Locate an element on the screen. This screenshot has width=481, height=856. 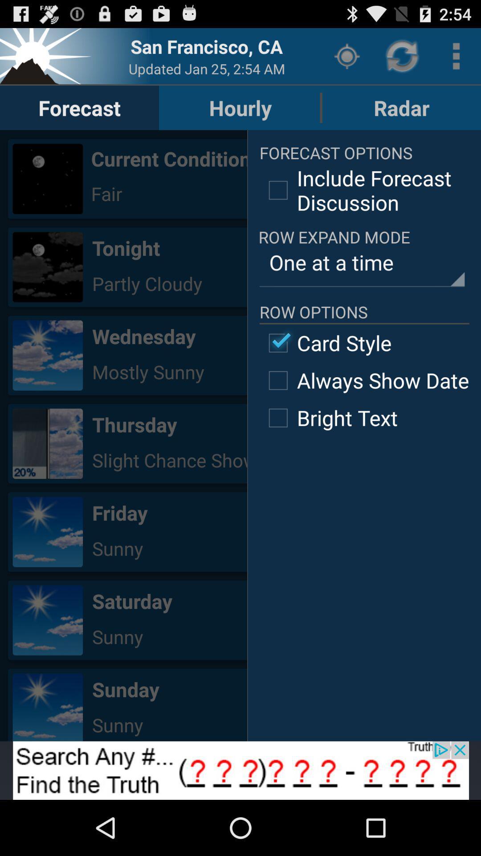
the more icon is located at coordinates (456, 59).